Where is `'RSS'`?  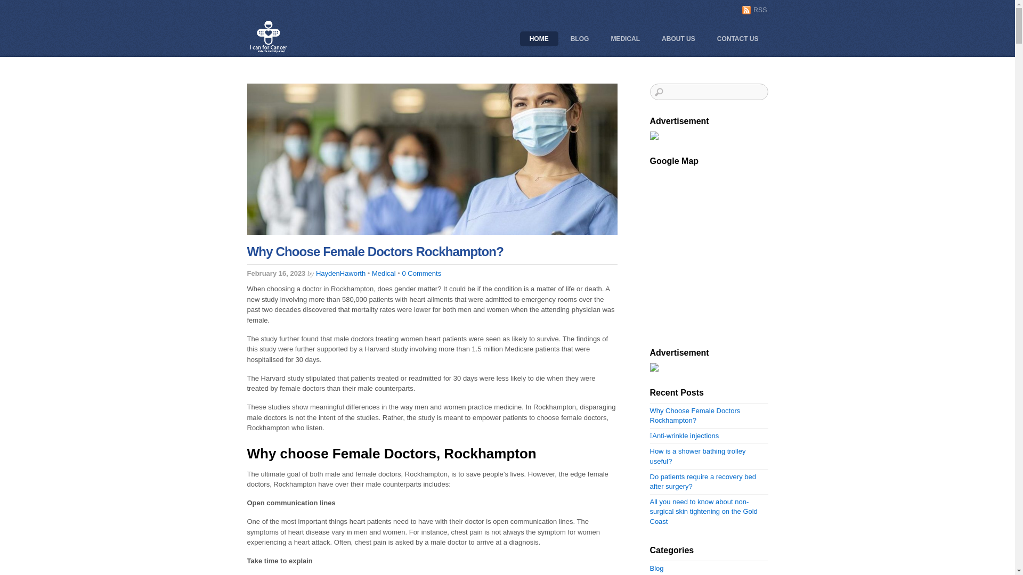
'RSS' is located at coordinates (754, 10).